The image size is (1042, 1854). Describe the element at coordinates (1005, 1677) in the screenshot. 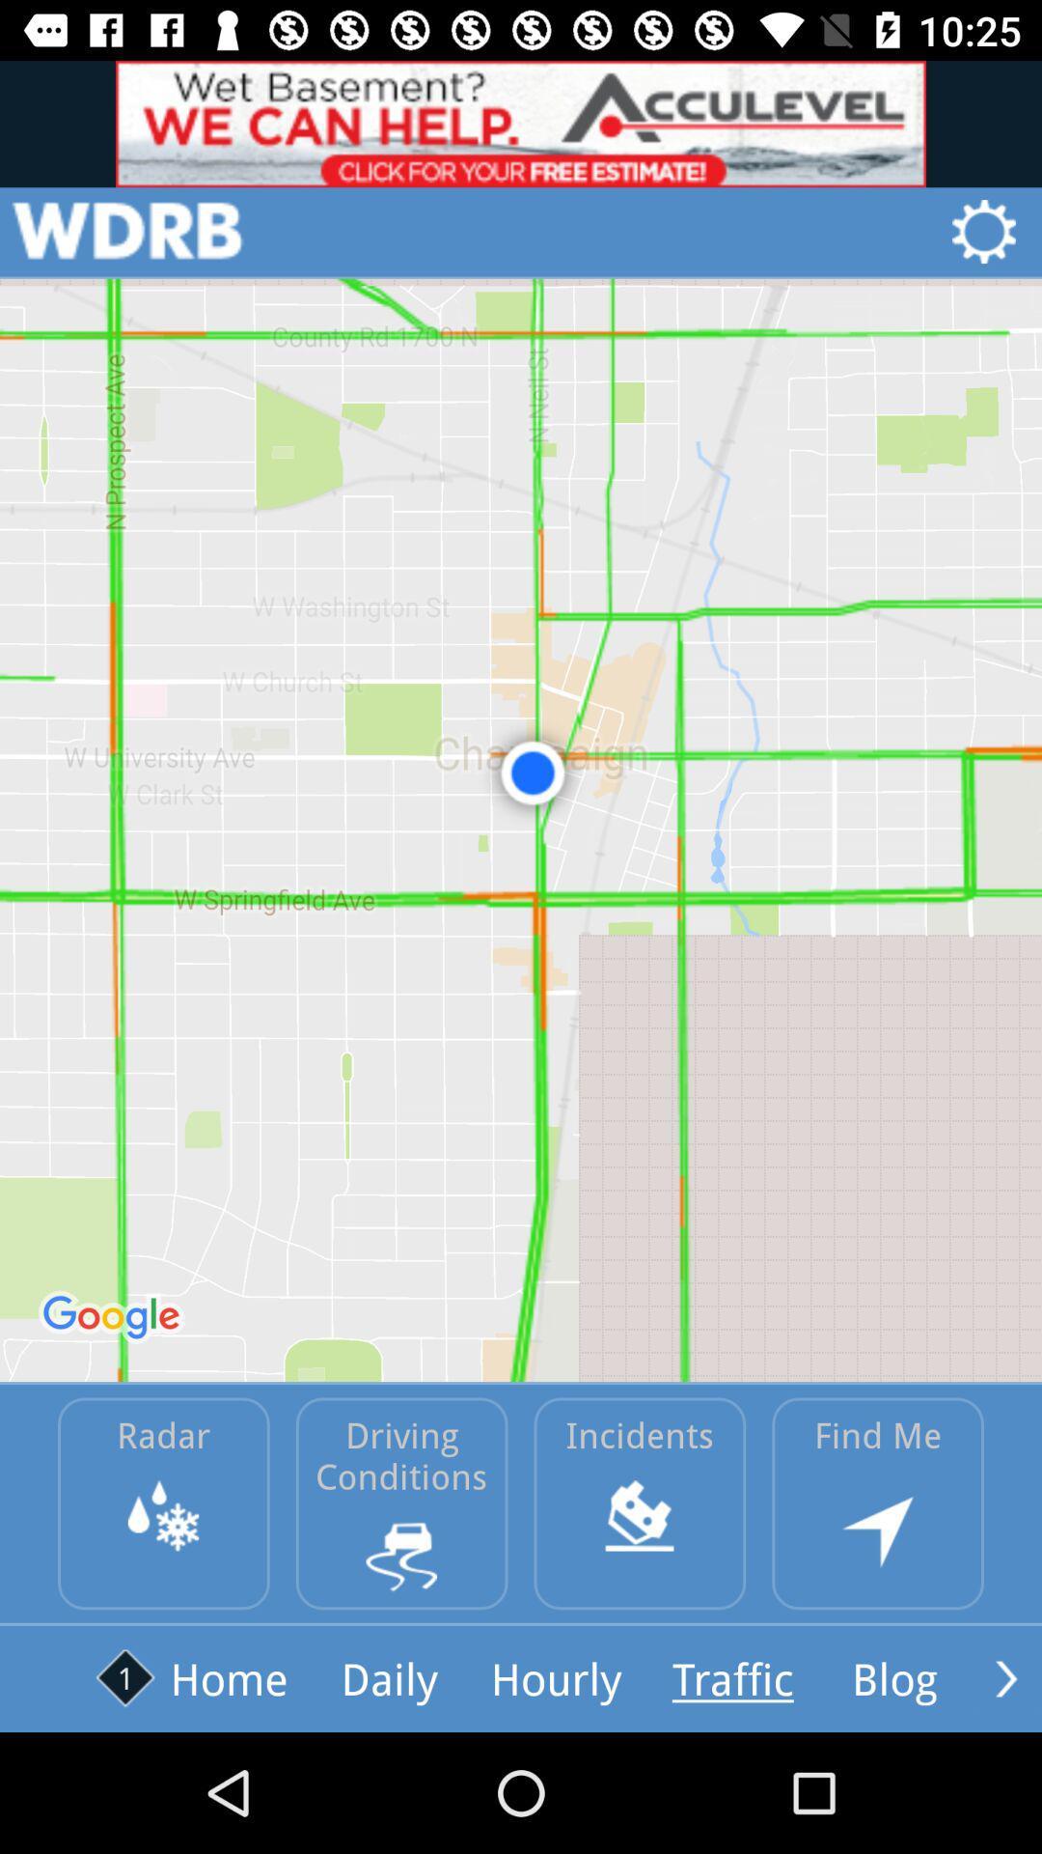

I see `the arrow_forward icon` at that location.